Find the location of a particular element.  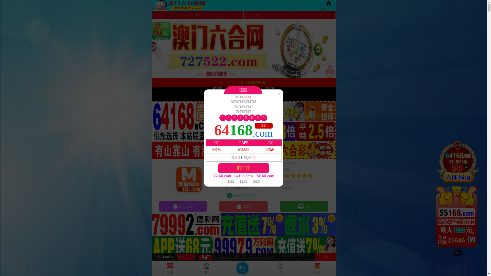

'26092' is located at coordinates (458, 195).